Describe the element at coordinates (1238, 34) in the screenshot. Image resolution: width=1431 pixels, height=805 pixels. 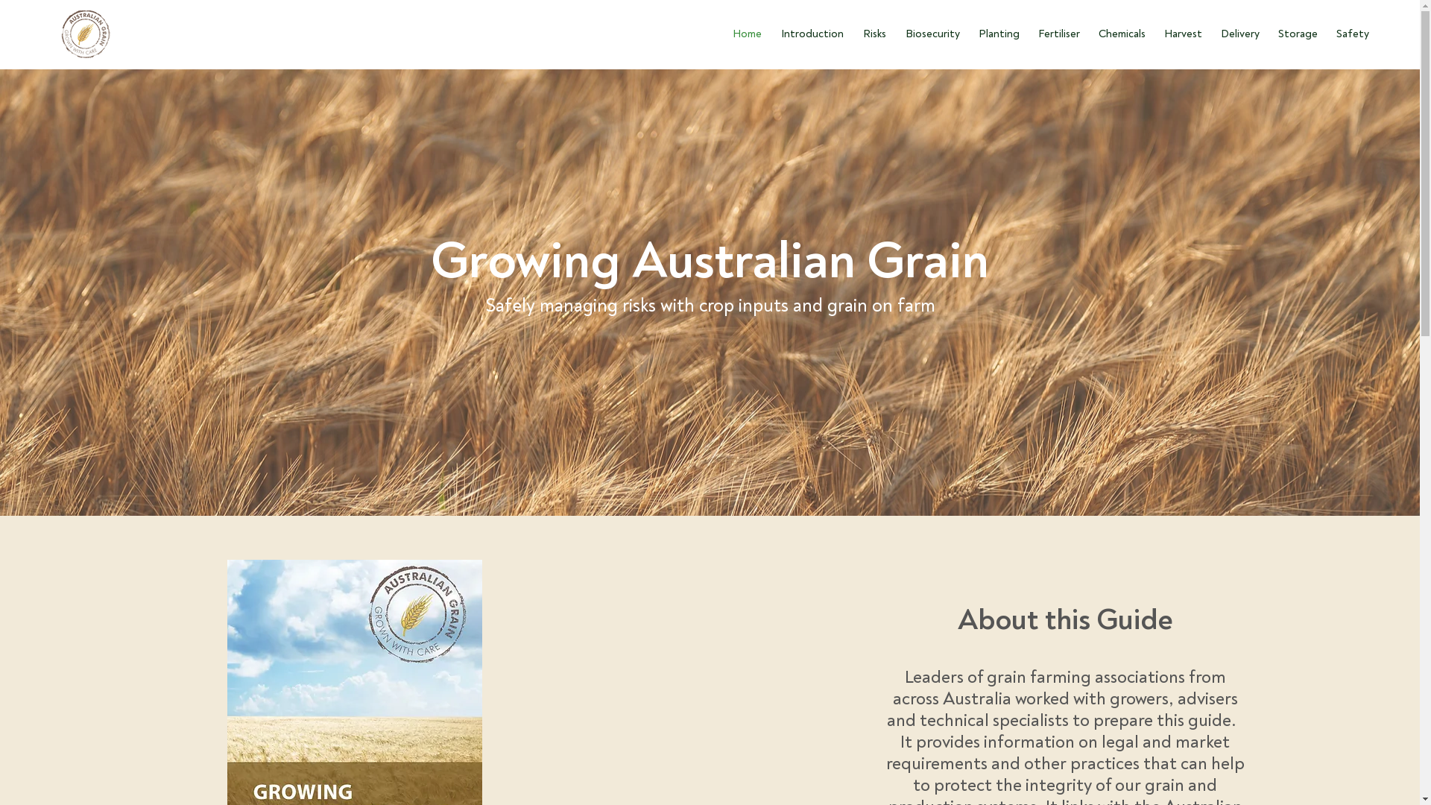
I see `'Delivery'` at that location.